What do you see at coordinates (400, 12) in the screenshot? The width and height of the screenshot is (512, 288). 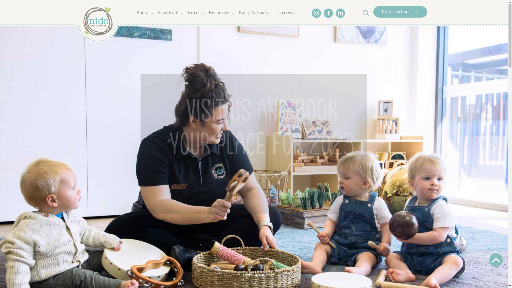 I see `'Find a School'` at bounding box center [400, 12].